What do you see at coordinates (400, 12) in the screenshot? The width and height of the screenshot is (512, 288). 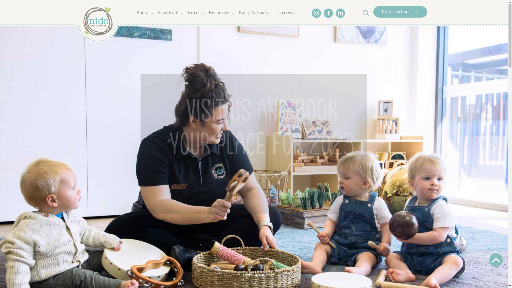 I see `'Find a School'` at bounding box center [400, 12].